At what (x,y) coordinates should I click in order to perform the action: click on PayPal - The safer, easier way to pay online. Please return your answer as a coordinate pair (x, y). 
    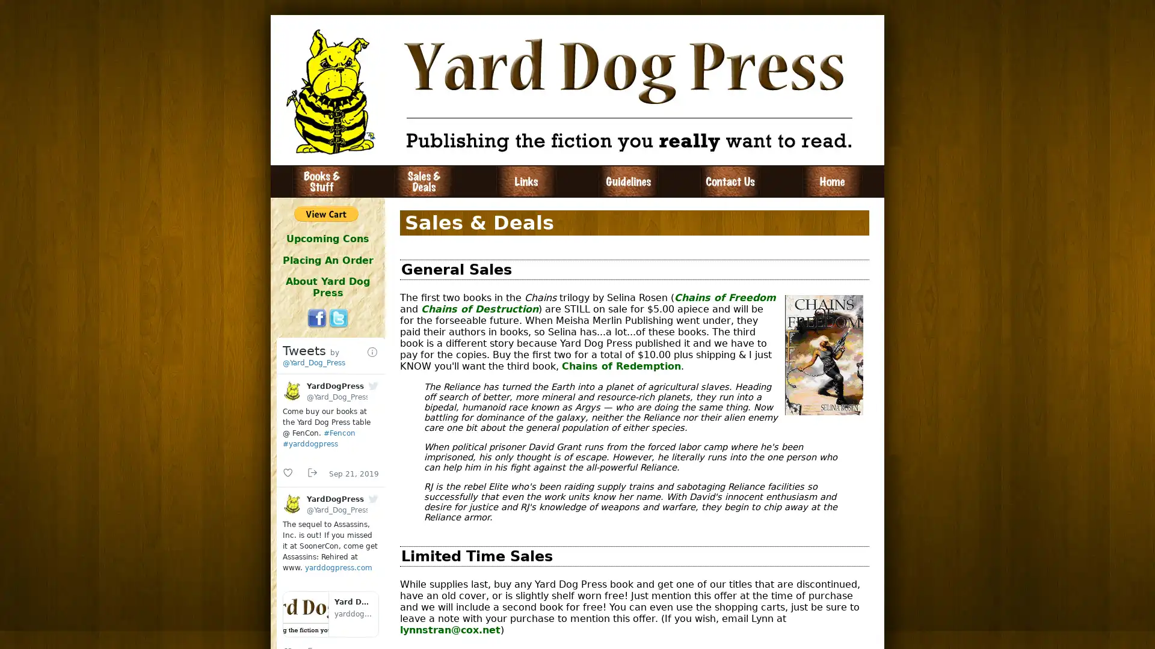
    Looking at the image, I should click on (326, 213).